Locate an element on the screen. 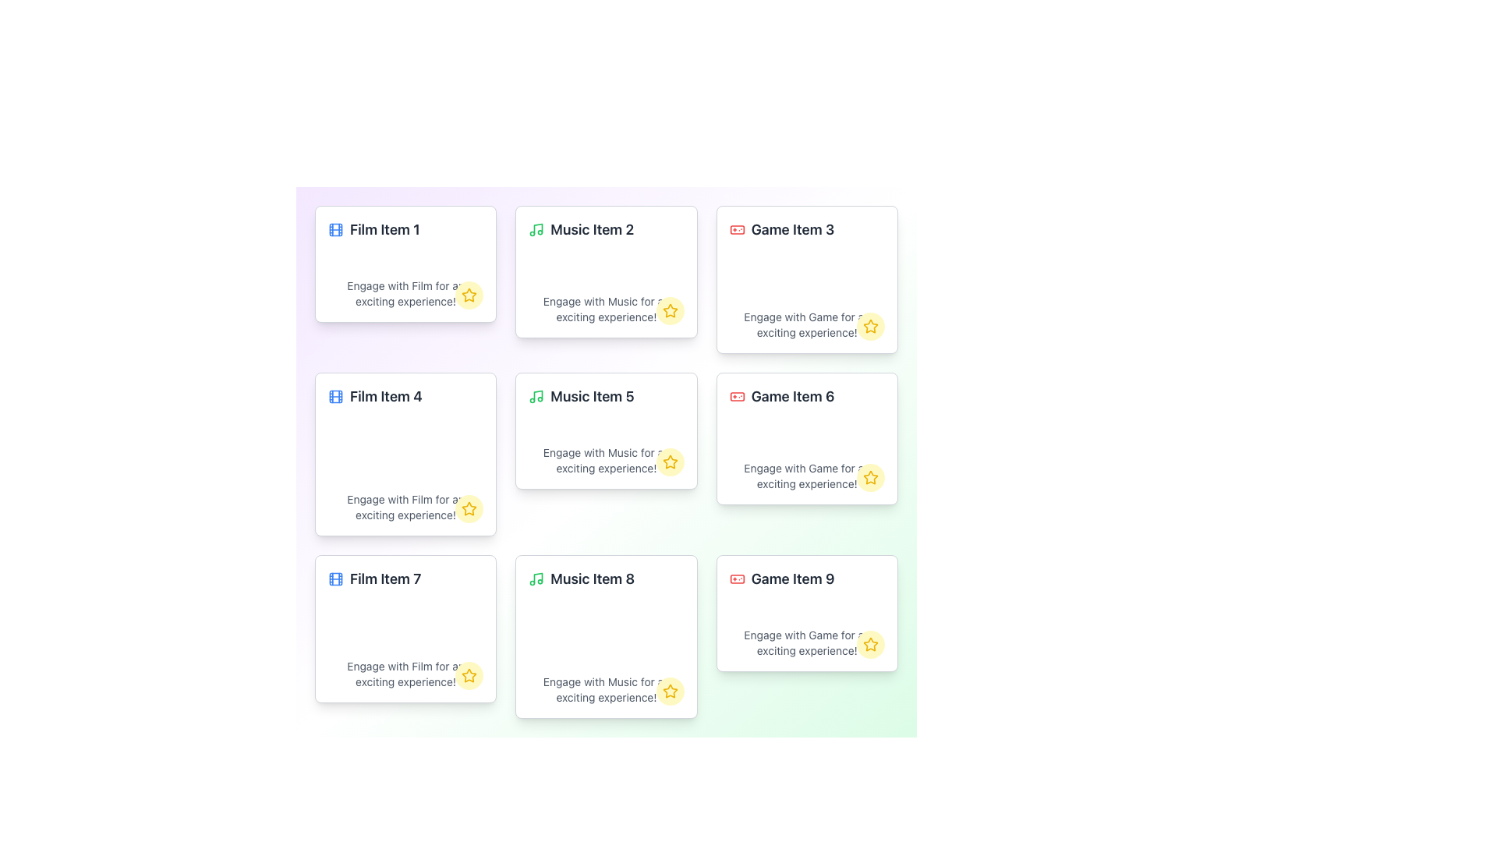 Image resolution: width=1497 pixels, height=842 pixels. the game item card located in the upper-right section of the grid, which is the third card in the top row is located at coordinates (807, 278).